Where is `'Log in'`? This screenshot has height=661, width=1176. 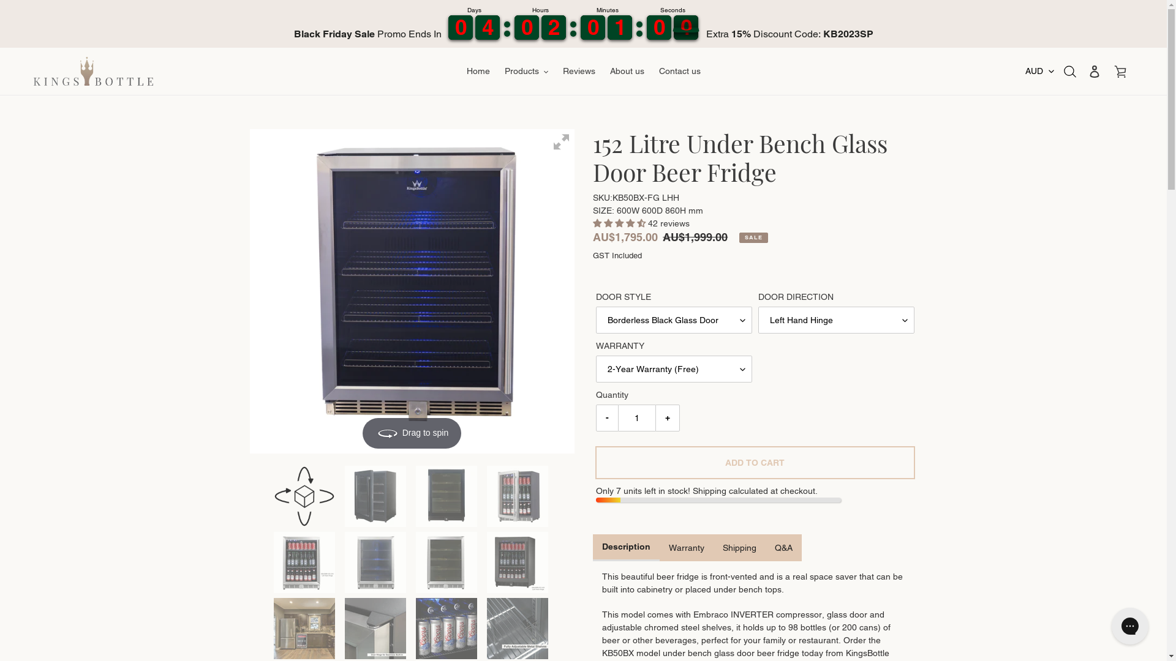
'Log in' is located at coordinates (1094, 71).